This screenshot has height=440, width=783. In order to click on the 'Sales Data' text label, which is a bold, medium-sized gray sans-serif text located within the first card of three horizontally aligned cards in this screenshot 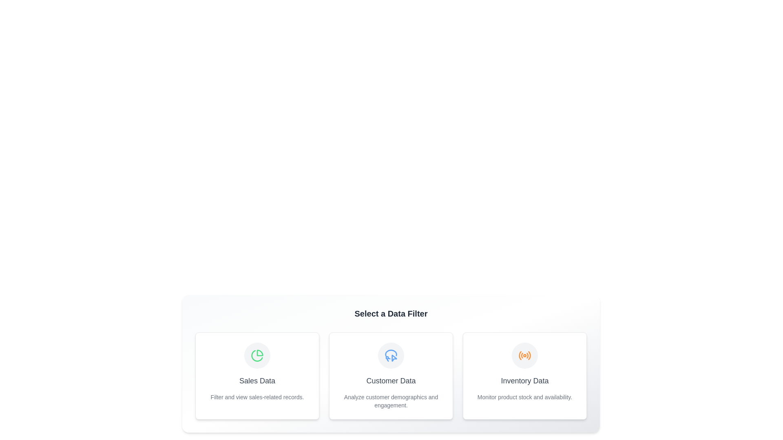, I will do `click(257, 381)`.